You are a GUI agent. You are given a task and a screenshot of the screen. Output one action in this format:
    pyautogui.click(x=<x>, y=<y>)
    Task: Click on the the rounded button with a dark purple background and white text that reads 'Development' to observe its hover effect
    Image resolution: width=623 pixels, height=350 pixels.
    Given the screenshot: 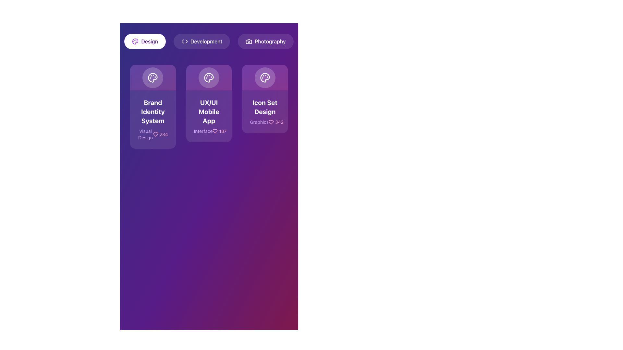 What is the action you would take?
    pyautogui.click(x=202, y=41)
    